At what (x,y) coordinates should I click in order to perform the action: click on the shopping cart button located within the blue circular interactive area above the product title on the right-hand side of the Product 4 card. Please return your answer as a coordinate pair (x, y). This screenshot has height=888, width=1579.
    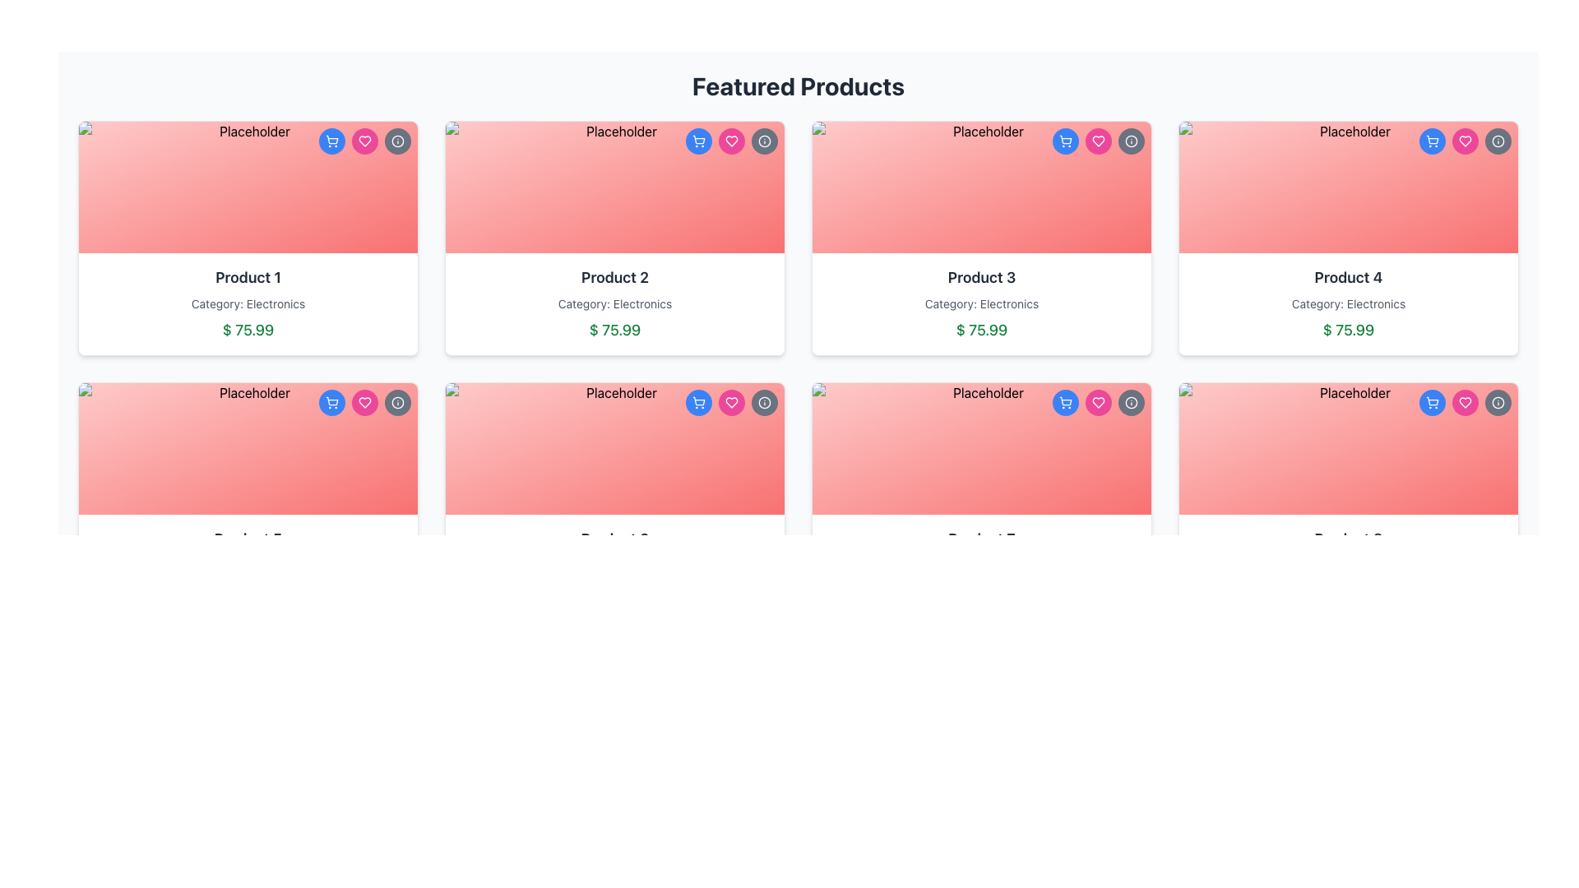
    Looking at the image, I should click on (1432, 402).